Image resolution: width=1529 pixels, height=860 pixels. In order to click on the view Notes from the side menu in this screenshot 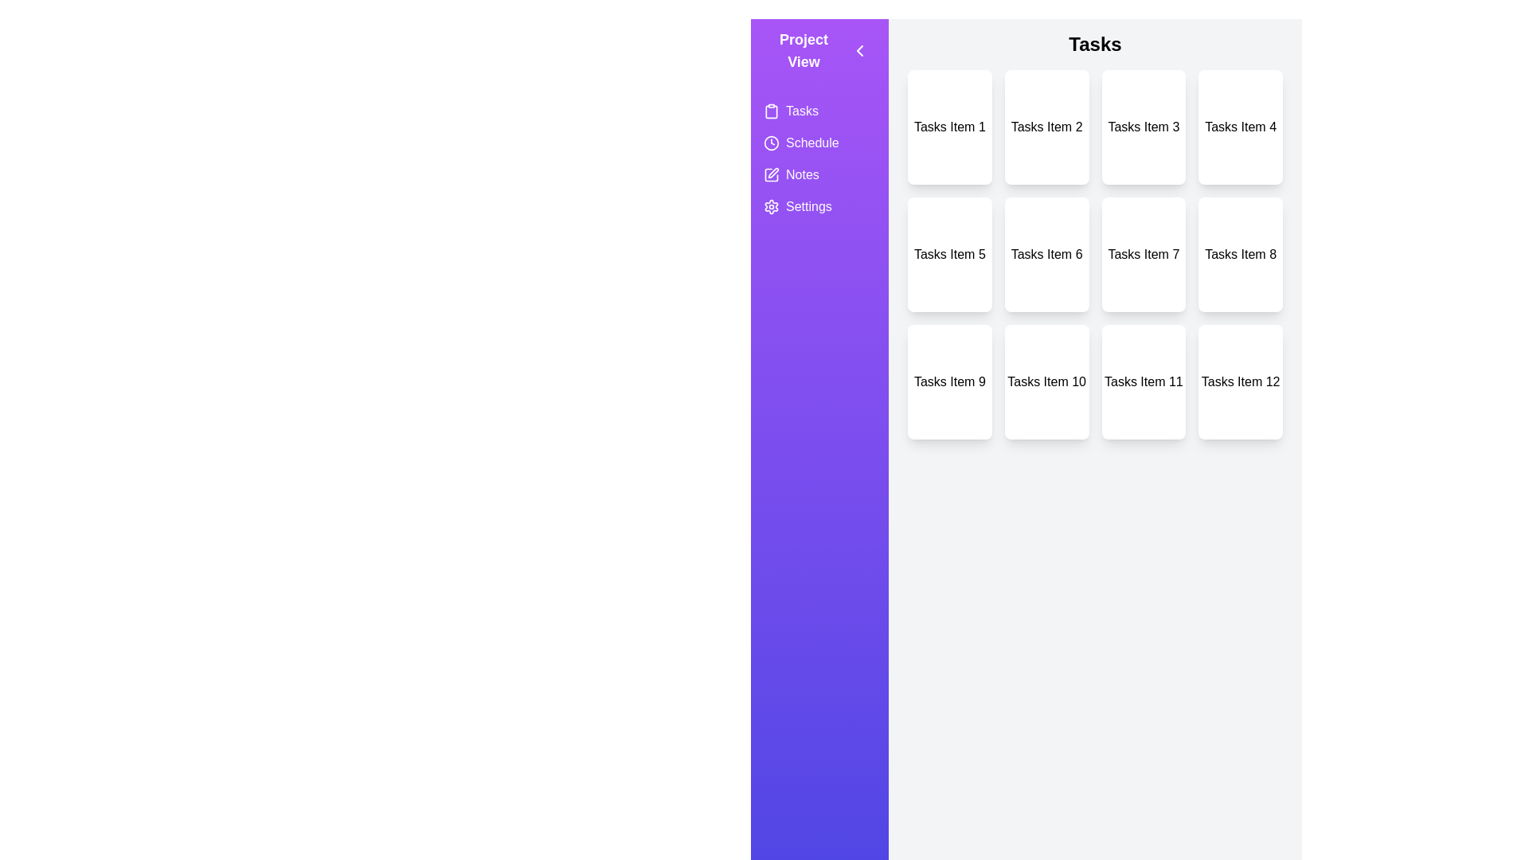, I will do `click(819, 174)`.